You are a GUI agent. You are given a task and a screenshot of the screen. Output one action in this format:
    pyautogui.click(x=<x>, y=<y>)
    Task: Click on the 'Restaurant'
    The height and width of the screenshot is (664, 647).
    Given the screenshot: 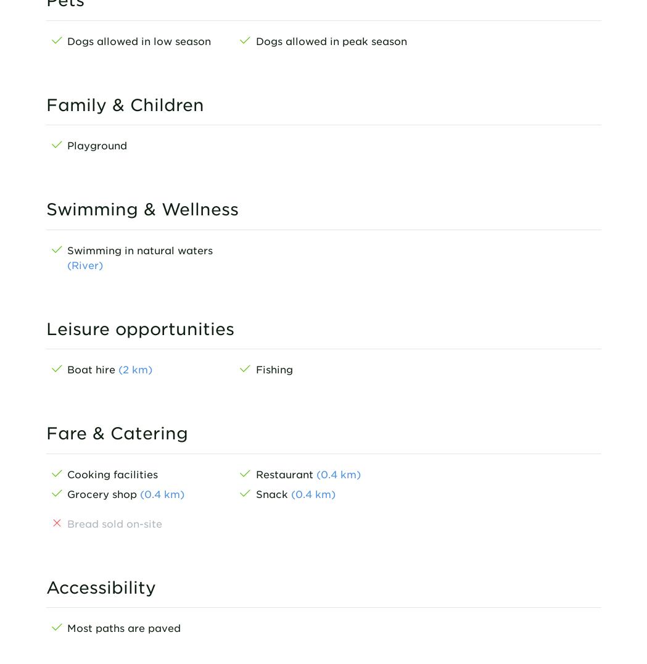 What is the action you would take?
    pyautogui.click(x=284, y=473)
    